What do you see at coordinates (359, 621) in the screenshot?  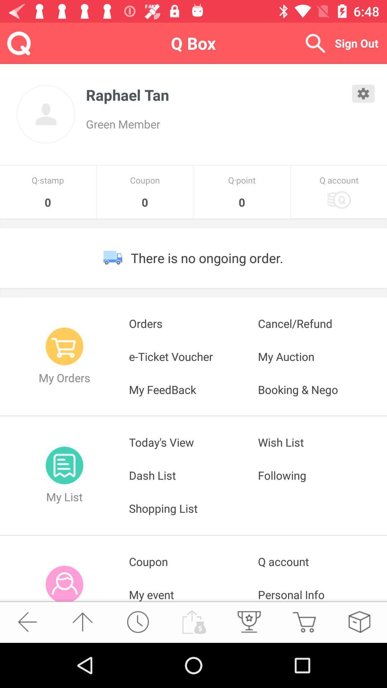 I see `in the right corner there will be a shopping cart click on the icon next to it that will be a box` at bounding box center [359, 621].